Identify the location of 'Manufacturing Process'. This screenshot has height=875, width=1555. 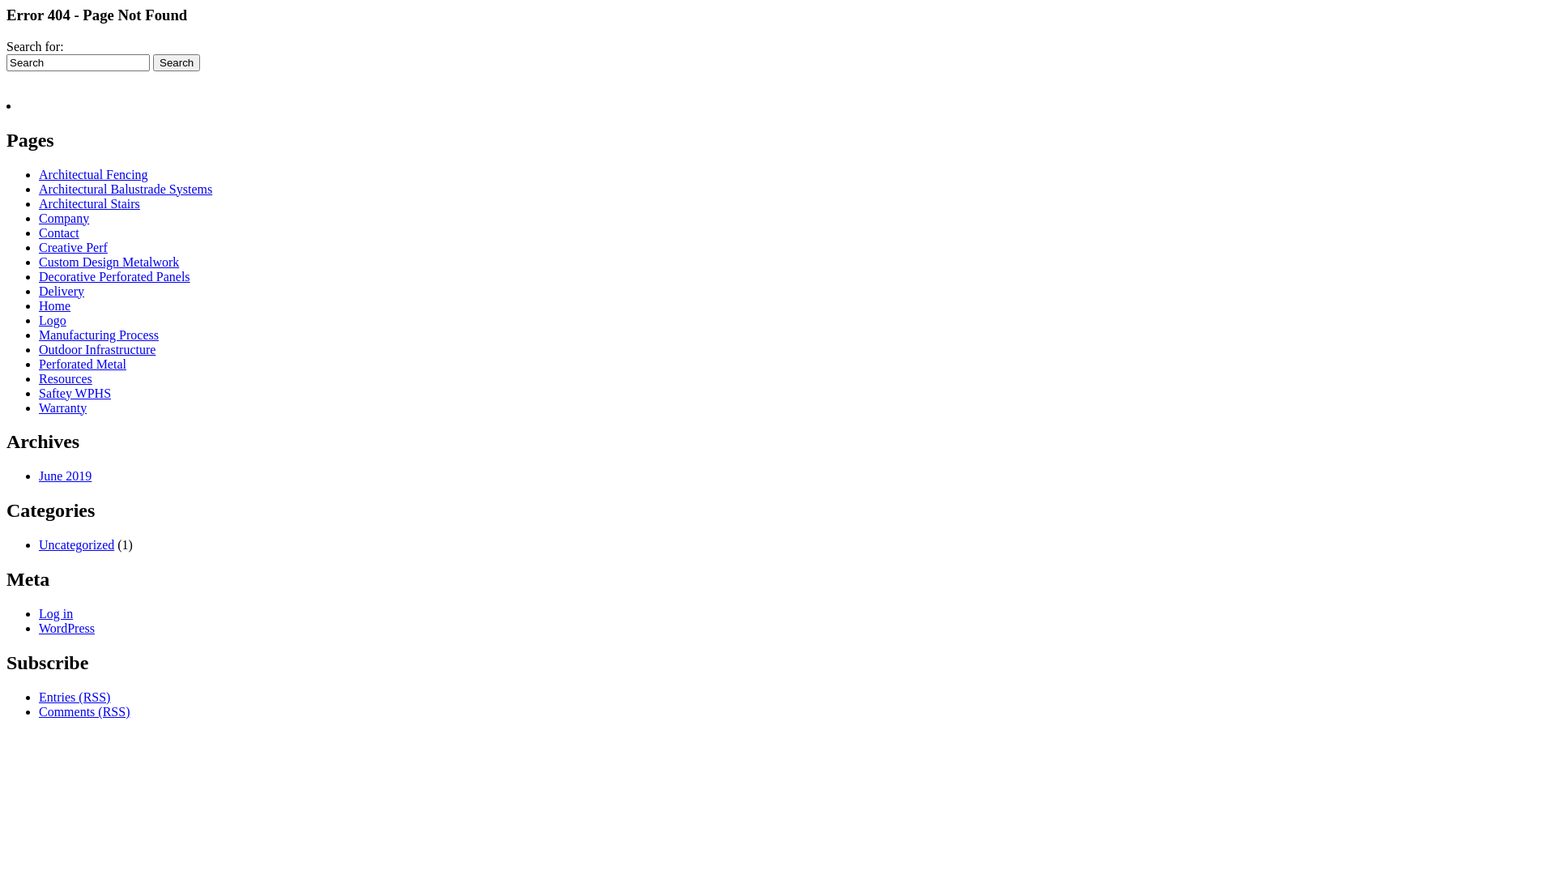
(97, 334).